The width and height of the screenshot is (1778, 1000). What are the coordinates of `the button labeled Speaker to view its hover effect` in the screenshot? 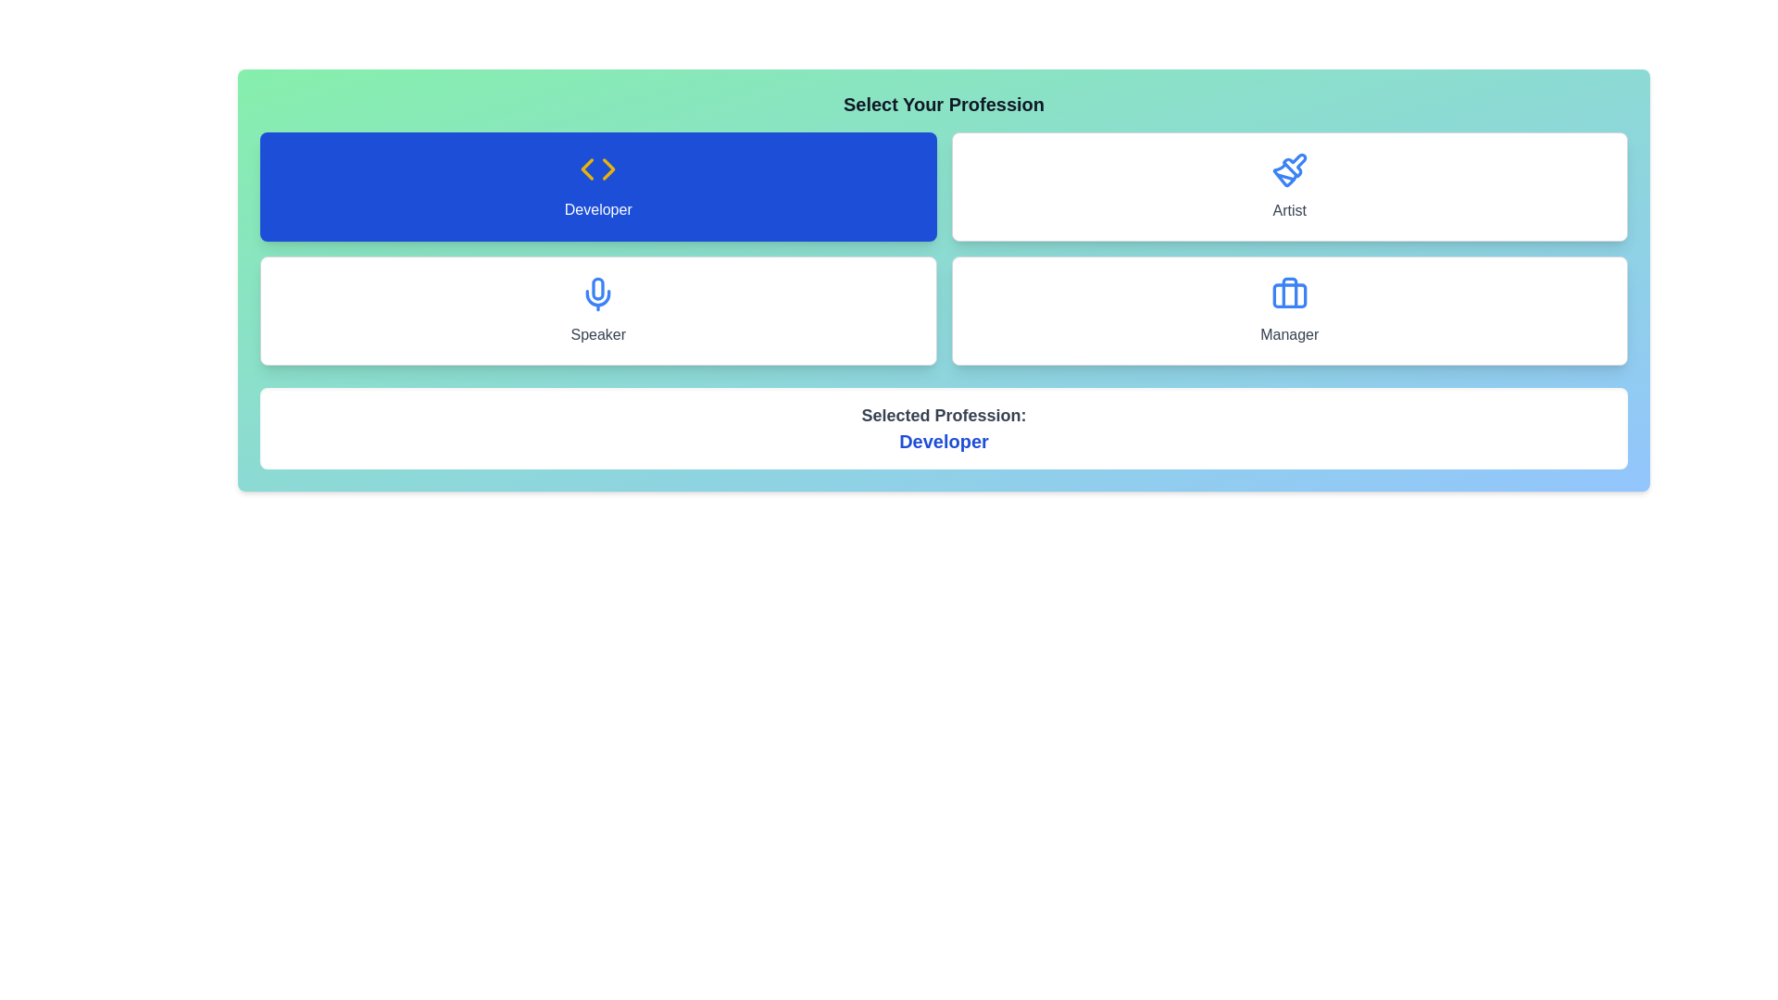 It's located at (598, 309).